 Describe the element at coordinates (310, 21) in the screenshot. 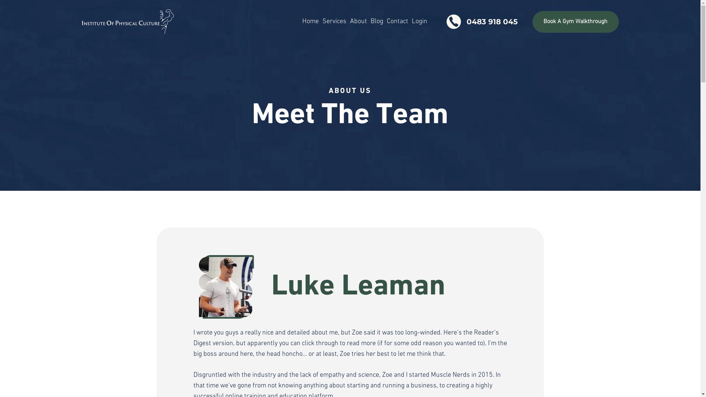

I see `'Home'` at that location.